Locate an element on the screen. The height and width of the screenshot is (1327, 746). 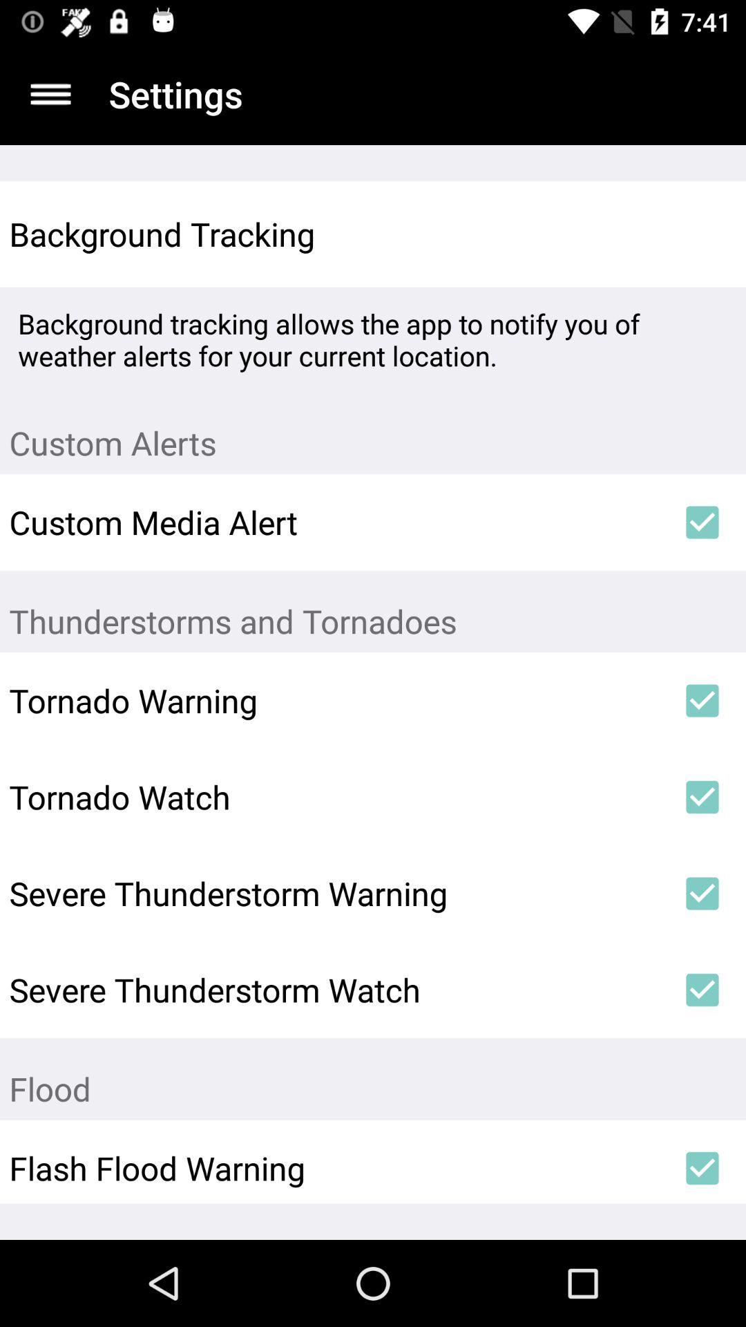
icon to the right of the flash flood warning is located at coordinates (702, 1167).